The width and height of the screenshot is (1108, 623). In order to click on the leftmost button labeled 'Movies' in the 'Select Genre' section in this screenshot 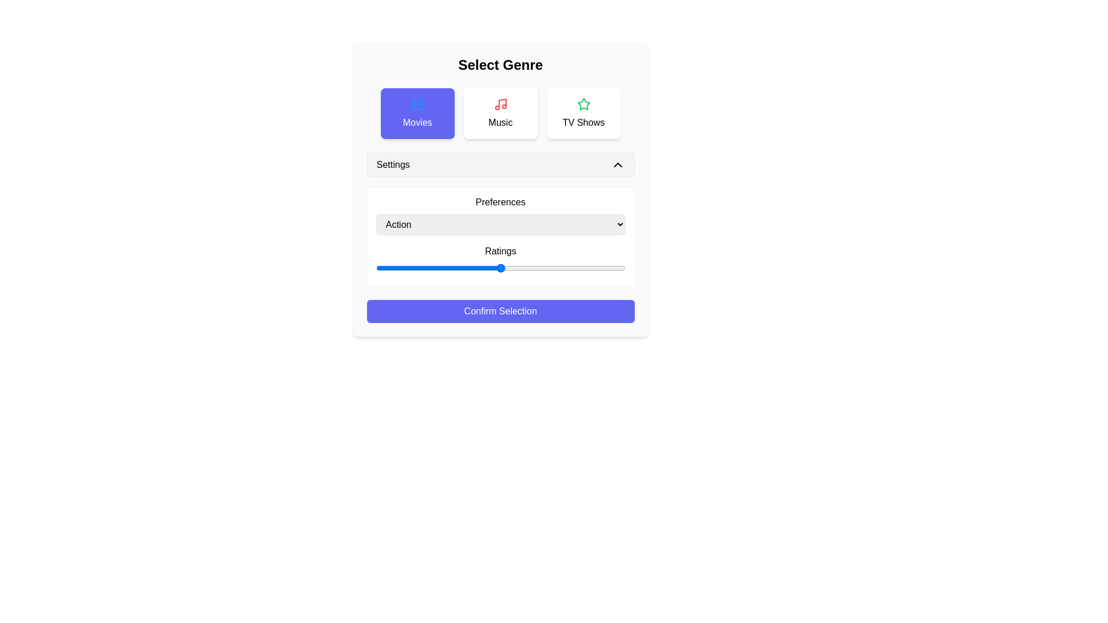, I will do `click(417, 113)`.